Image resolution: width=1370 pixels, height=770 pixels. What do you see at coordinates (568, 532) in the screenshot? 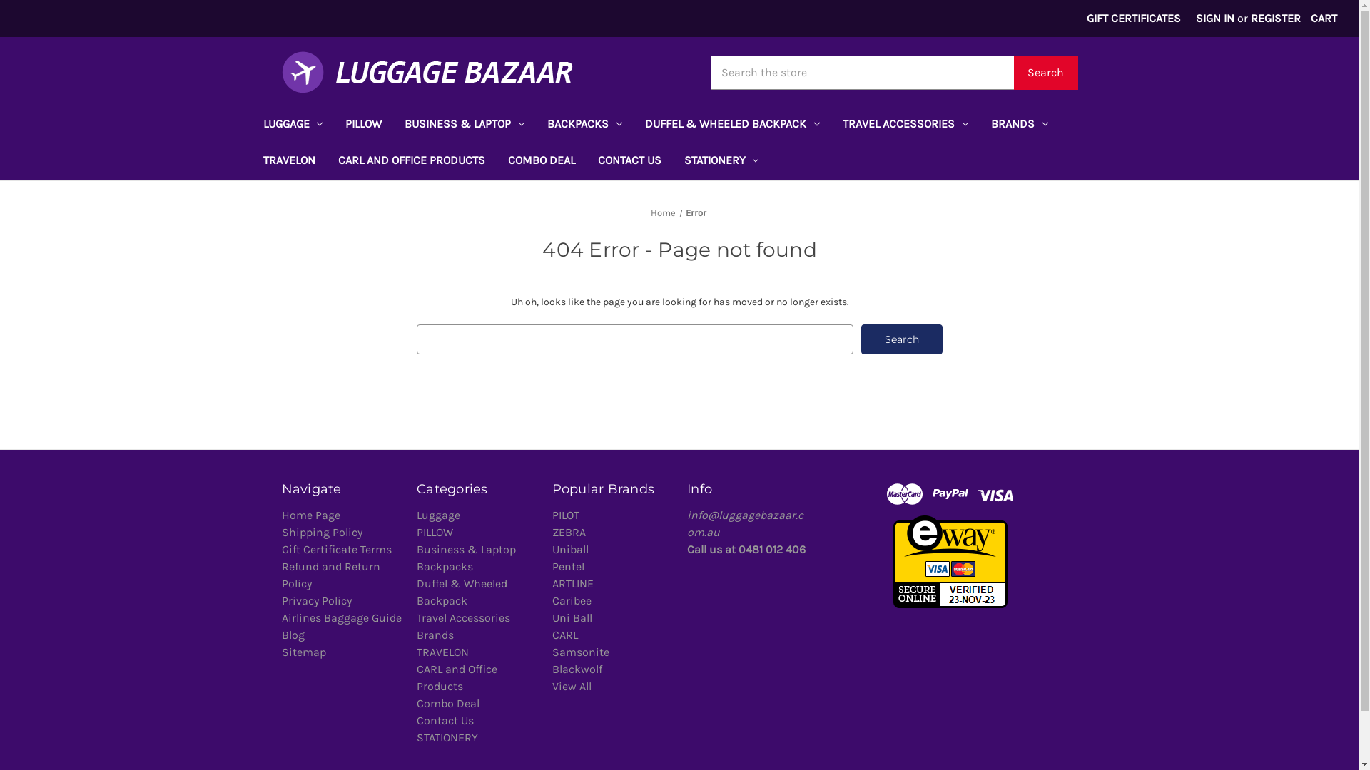
I see `'ZEBRA'` at bounding box center [568, 532].